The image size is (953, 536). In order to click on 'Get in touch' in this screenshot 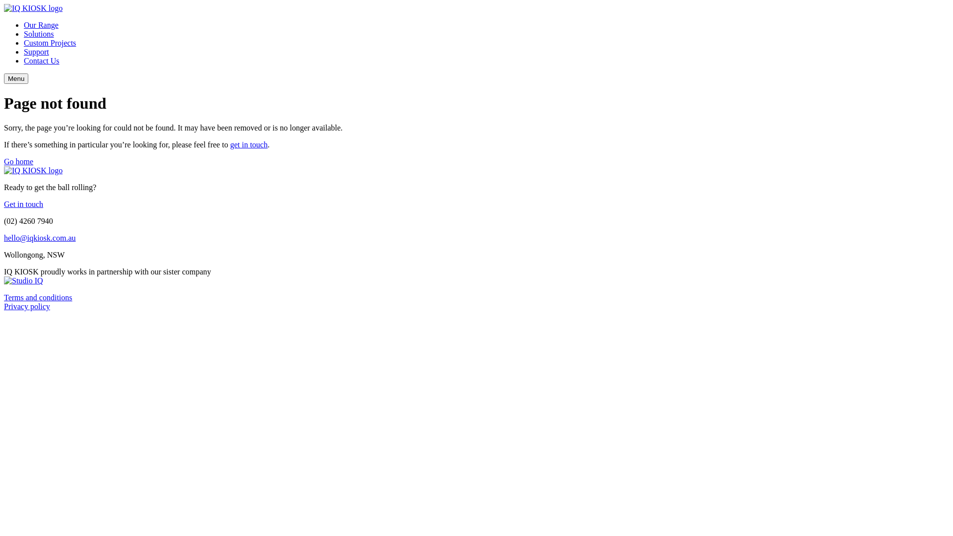, I will do `click(23, 203)`.